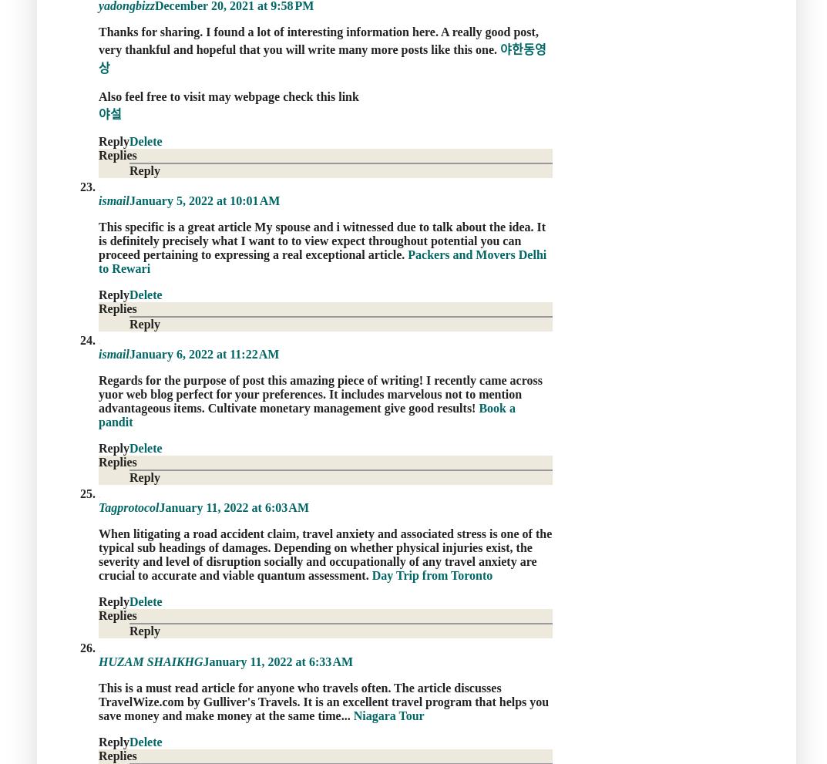 This screenshot has height=764, width=827. What do you see at coordinates (98, 507) in the screenshot?
I see `'Tagprotocol'` at bounding box center [98, 507].